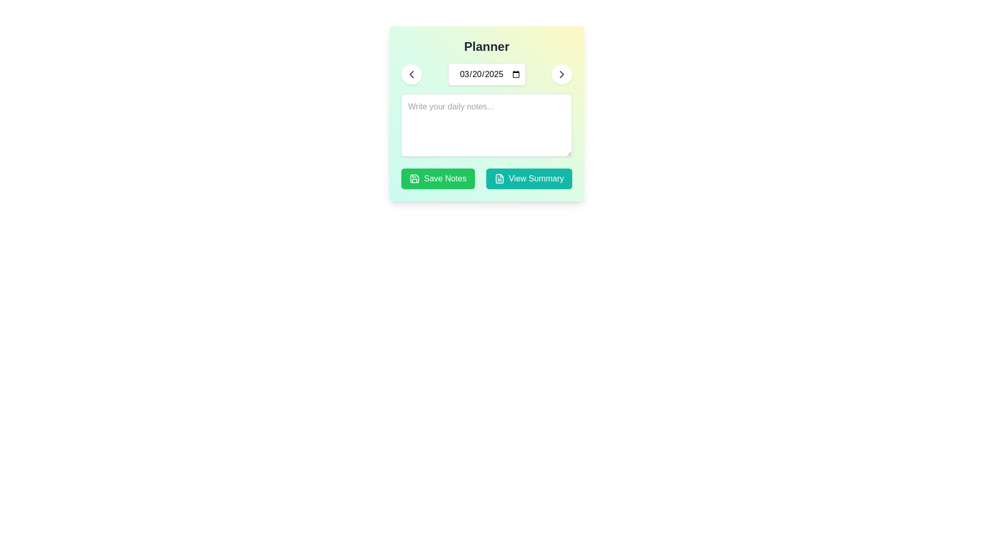 The width and height of the screenshot is (988, 555). Describe the element at coordinates (529, 178) in the screenshot. I see `the rectangular button with a teal background labeled 'View Summary' to observe its hover effect` at that location.